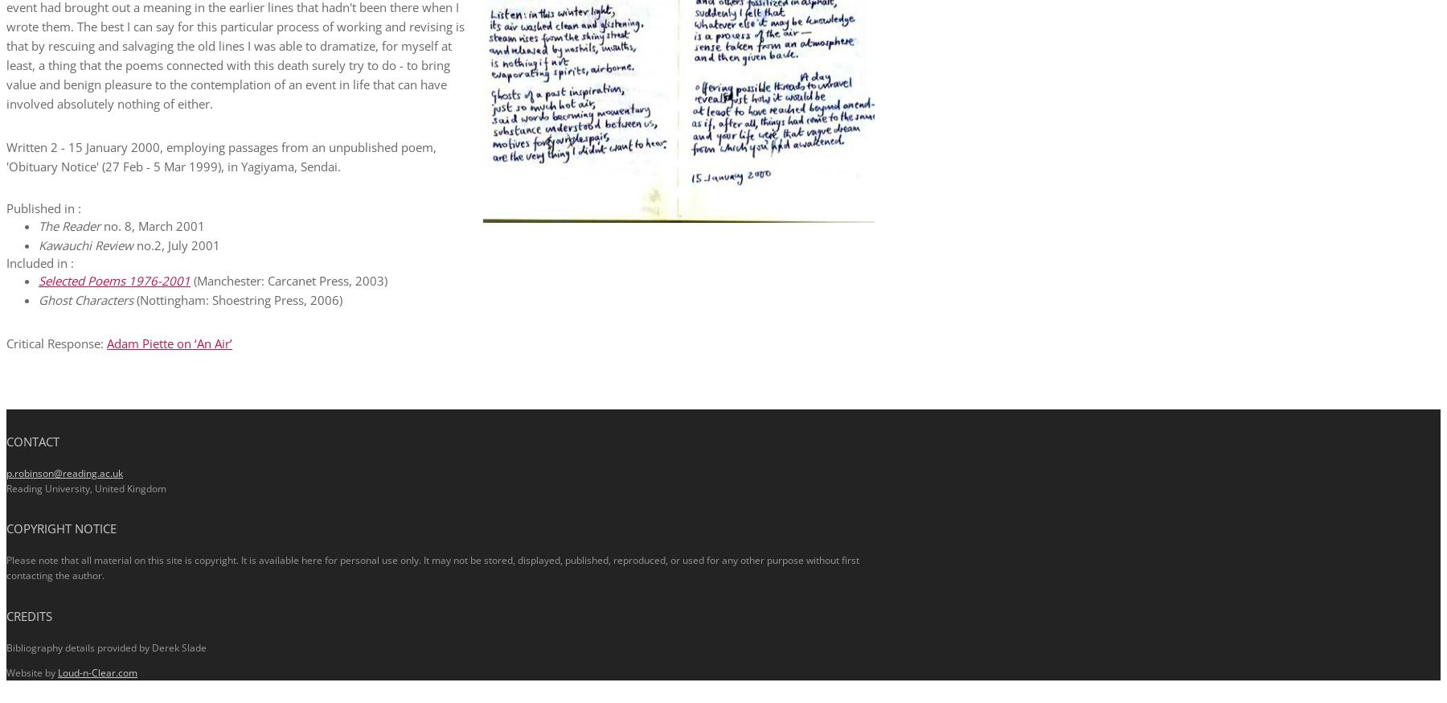 The image size is (1447, 703). What do you see at coordinates (114, 279) in the screenshot?
I see `'Selected Poems 1976-2001'` at bounding box center [114, 279].